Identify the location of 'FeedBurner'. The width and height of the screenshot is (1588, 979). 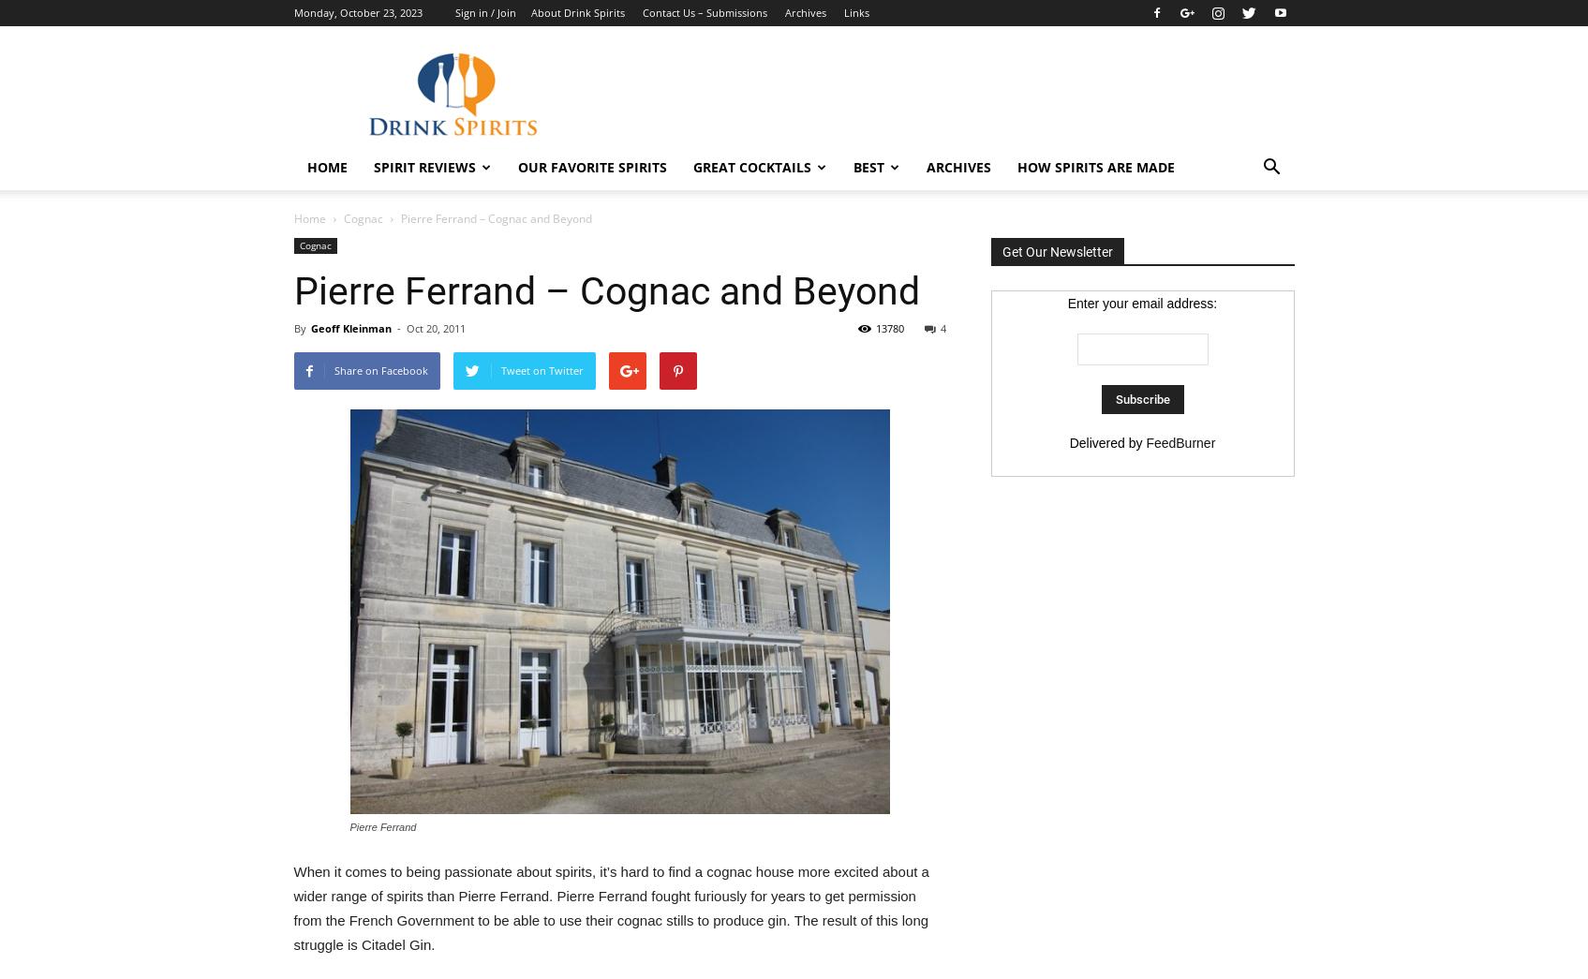
(1180, 441).